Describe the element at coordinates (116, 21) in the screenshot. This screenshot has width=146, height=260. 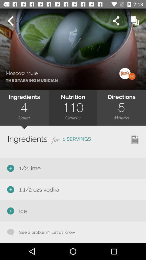
I see `share this page` at that location.